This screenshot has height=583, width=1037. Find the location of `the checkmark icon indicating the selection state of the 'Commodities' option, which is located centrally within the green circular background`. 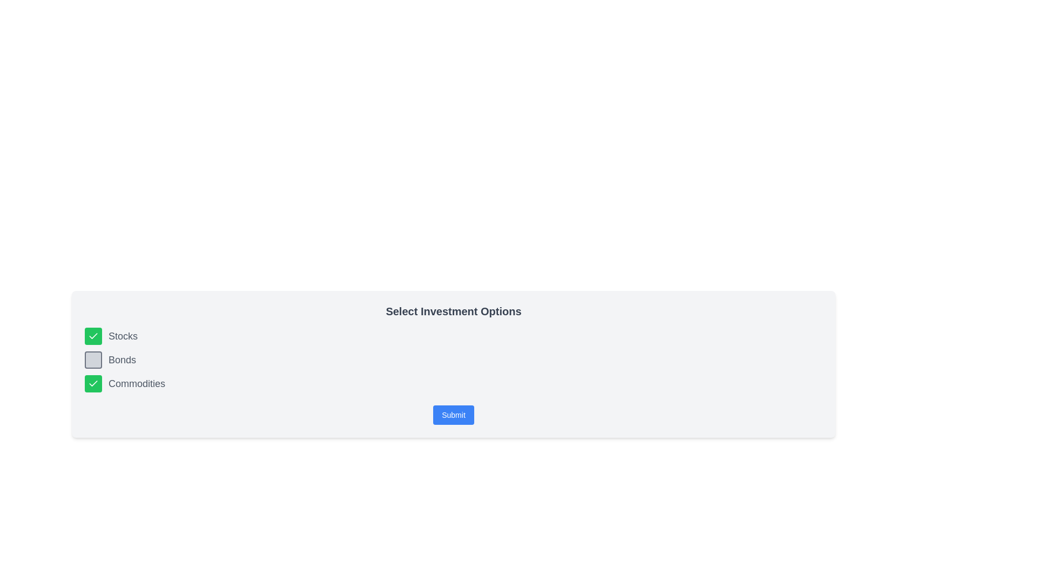

the checkmark icon indicating the selection state of the 'Commodities' option, which is located centrally within the green circular background is located at coordinates (93, 383).